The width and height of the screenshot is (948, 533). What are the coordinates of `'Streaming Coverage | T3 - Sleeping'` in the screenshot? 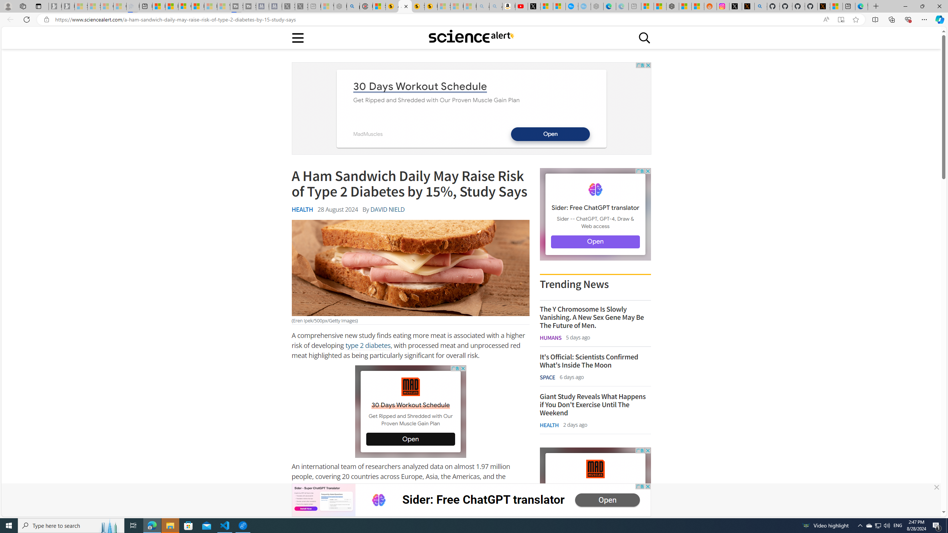 It's located at (236, 6).